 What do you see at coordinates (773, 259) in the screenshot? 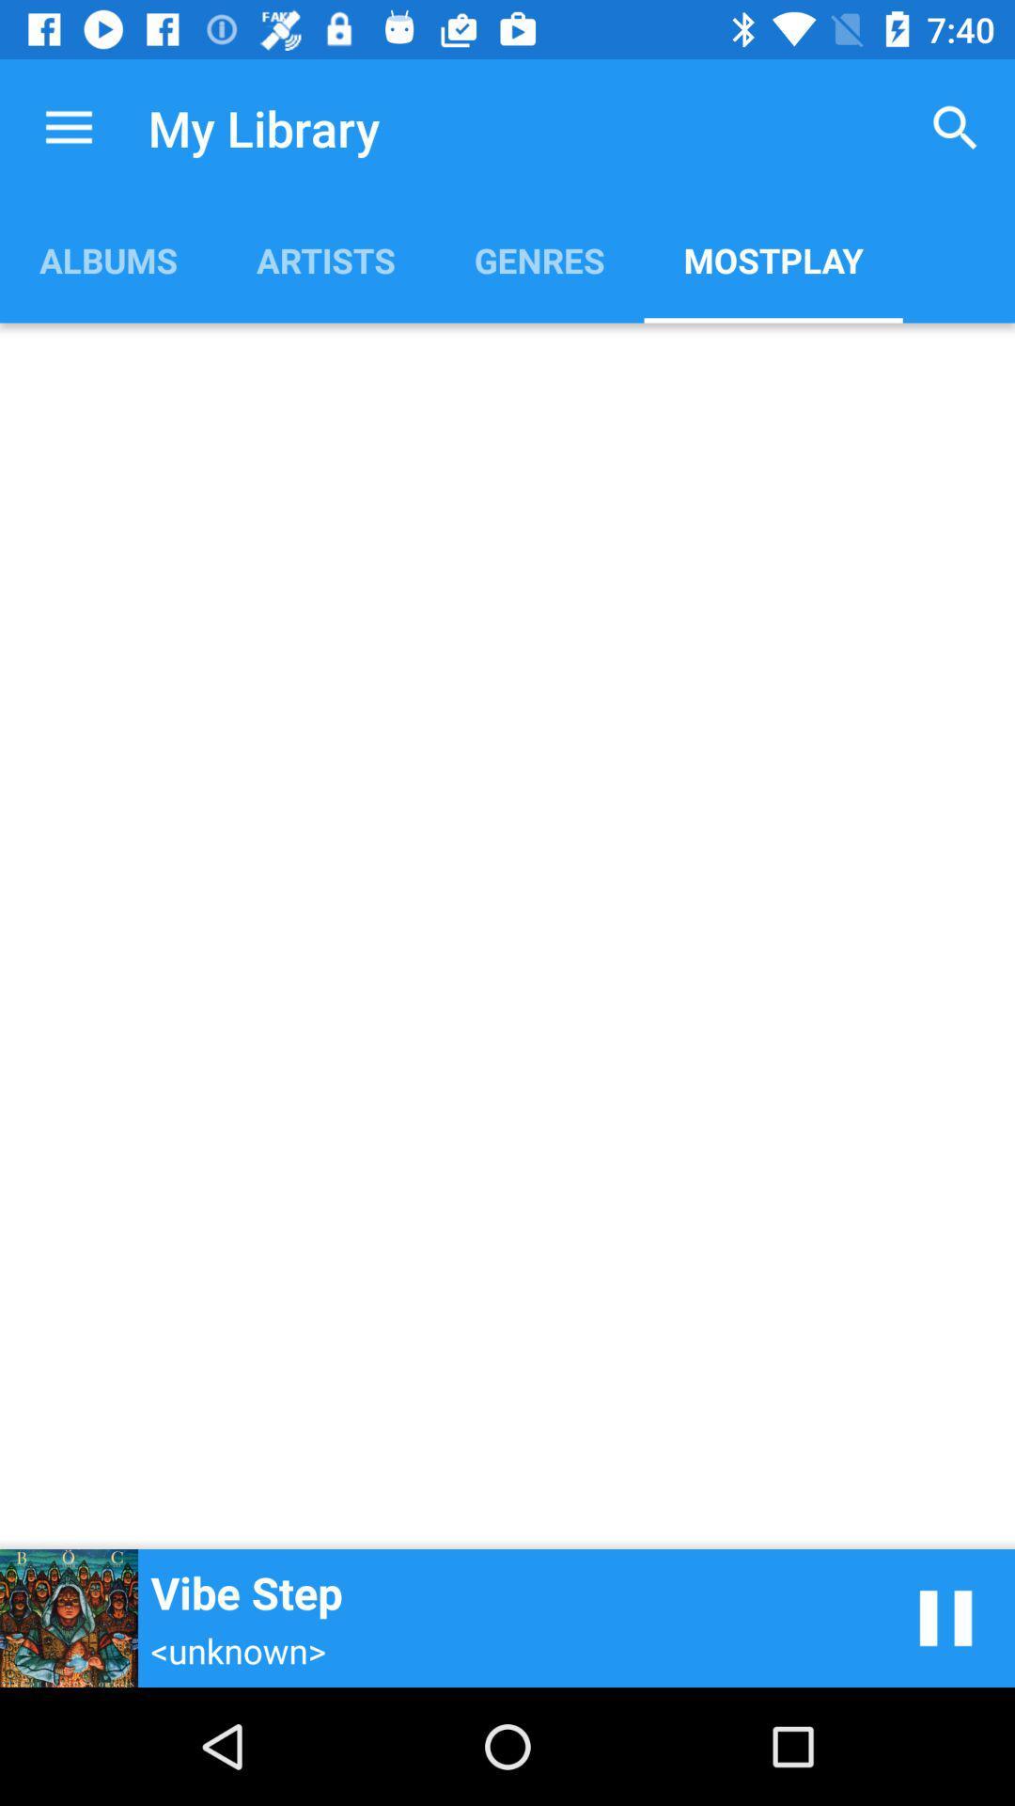
I see `the app to the right of genres icon` at bounding box center [773, 259].